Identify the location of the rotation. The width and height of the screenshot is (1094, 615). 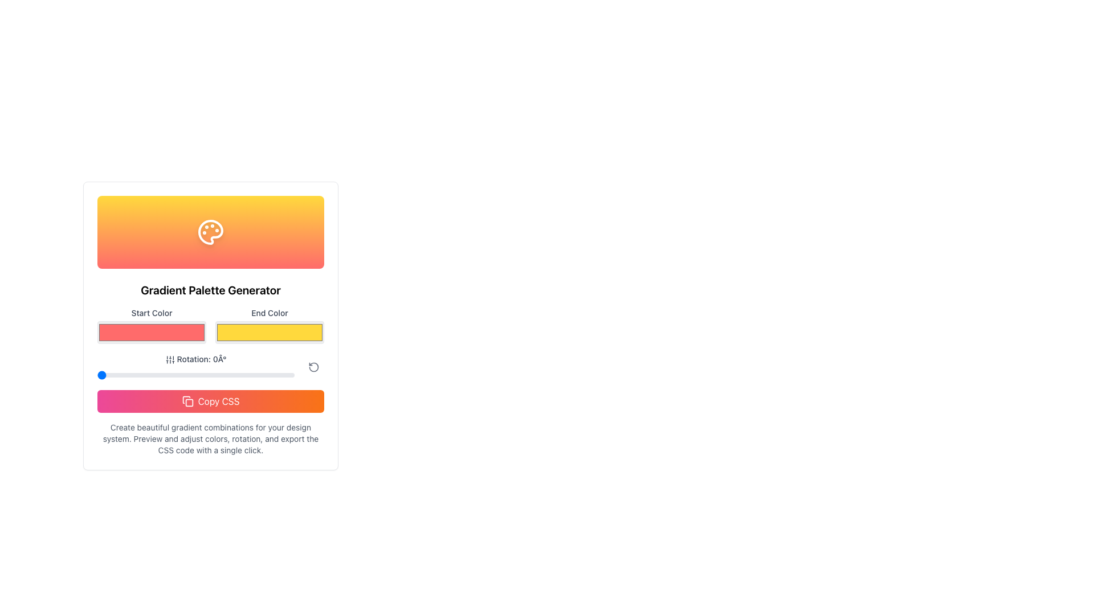
(118, 375).